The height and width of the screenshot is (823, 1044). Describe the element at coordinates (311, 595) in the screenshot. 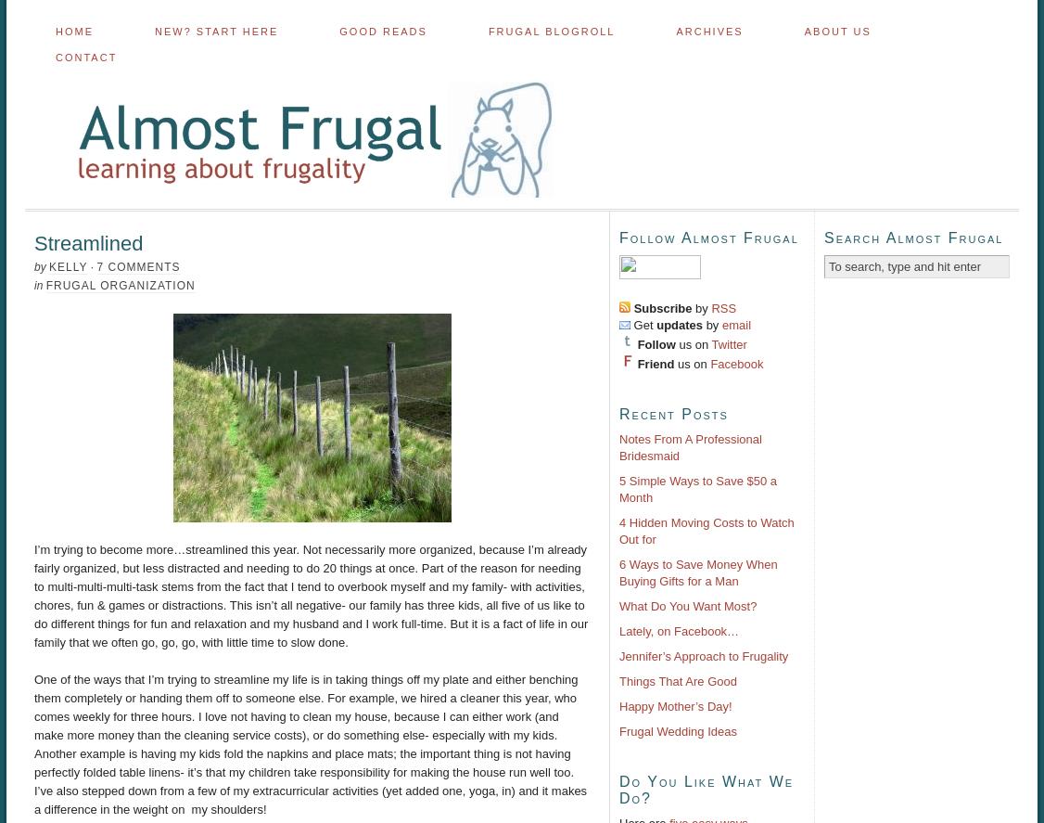

I see `'I’m trying to become more…streamlined this year. Not necessarily more organized, because I’m already fairly organized, but less distracted and needing to do 20 things at once. Part of the reason for needing to multi-multi-multi-task stems from the fact that I tend to overbook myself and my family- with activities, chores, fun & games or distractions. This isn’t all negative- our family has three kids, all five of us like to do different things for fun and relaxation and my husband and I work full-time. But it is a fact of life in our family that we often go, go, go, with little time to slow done.'` at that location.